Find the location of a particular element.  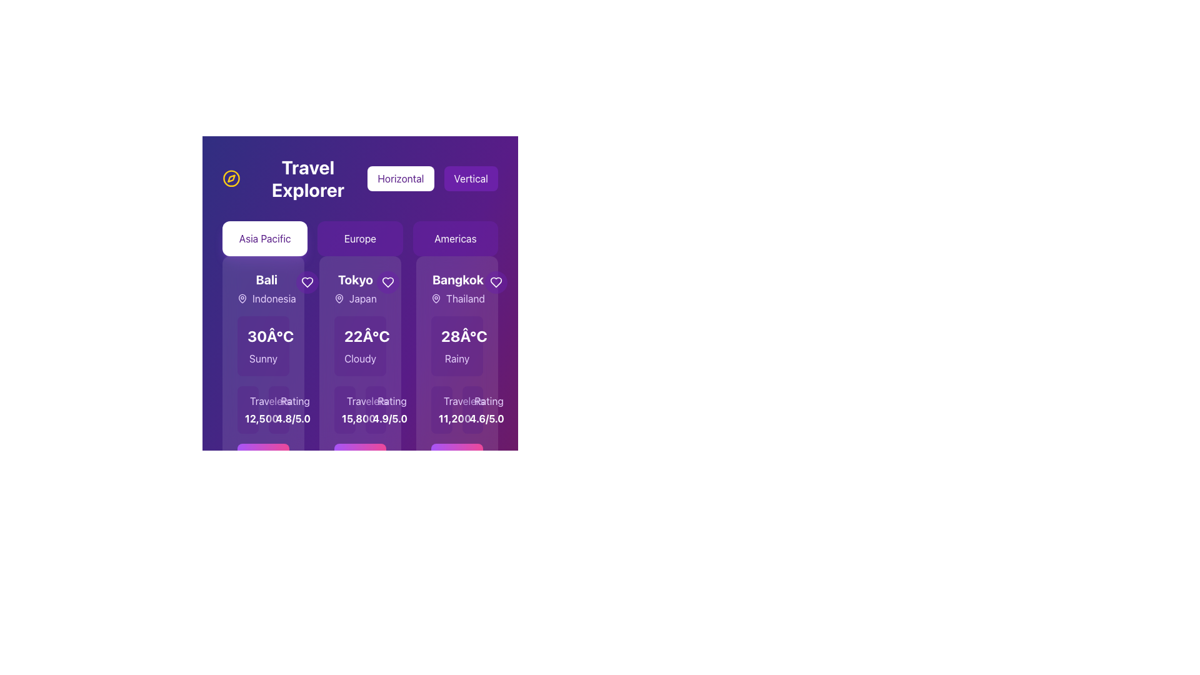

the text label displaying the number of travelers for the 'Bangkok, Thailand' travel tile, located at the bottom section below the weather and location details is located at coordinates (441, 419).